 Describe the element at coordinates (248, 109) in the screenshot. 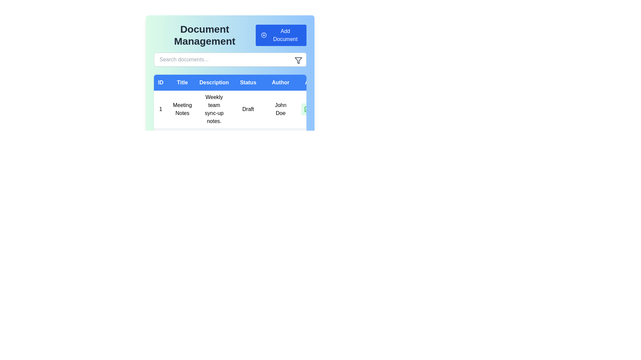

I see `the status label indicating the draft stage of the document in the fourth cell under the 'Status' column of the table` at that location.